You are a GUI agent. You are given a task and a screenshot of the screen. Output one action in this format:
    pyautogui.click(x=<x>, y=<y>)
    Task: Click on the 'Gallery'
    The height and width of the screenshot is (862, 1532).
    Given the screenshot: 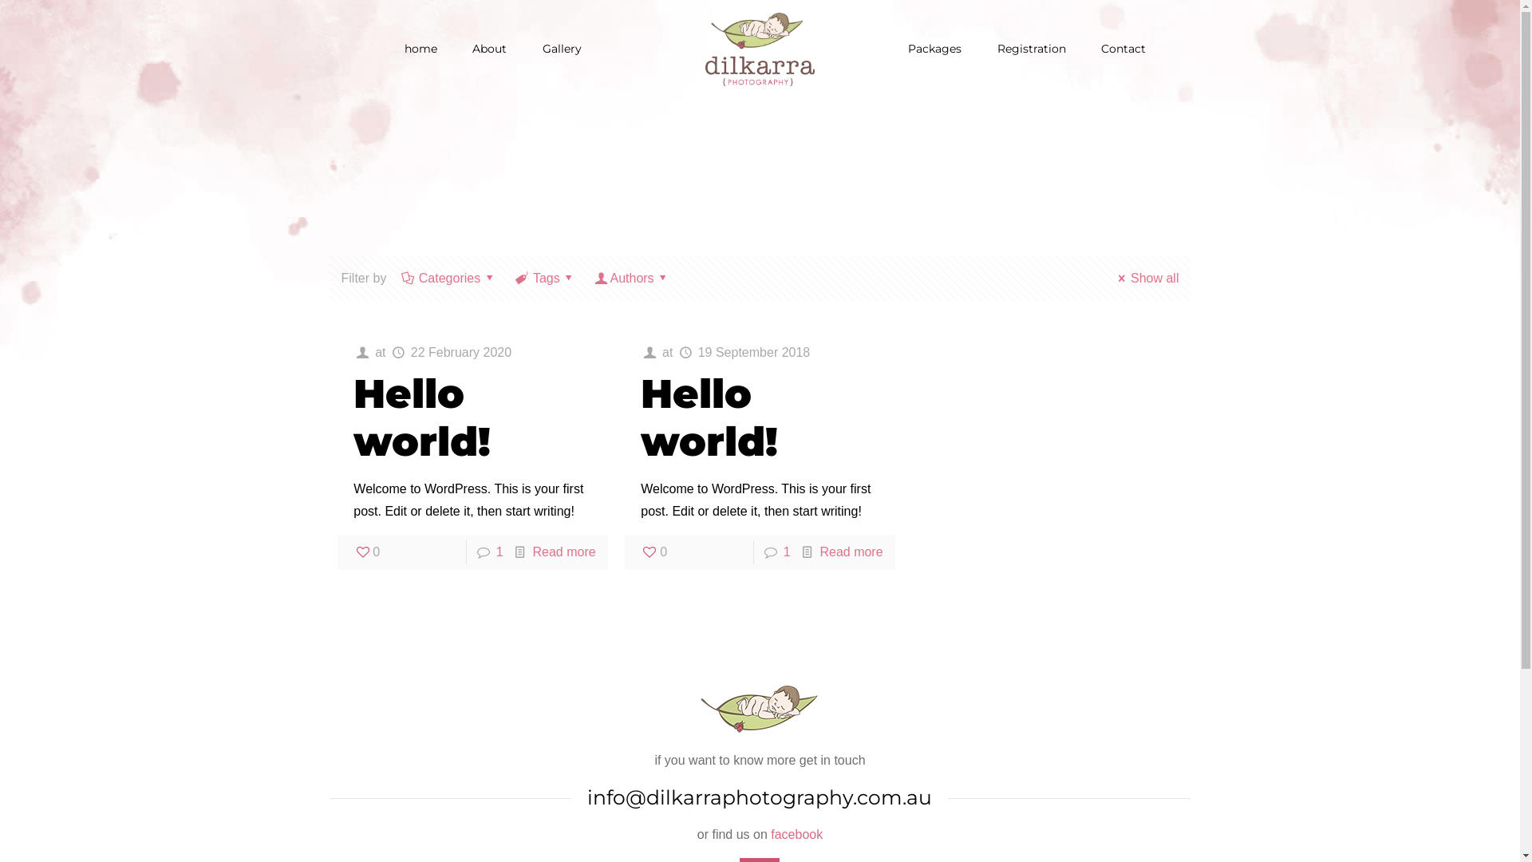 What is the action you would take?
    pyautogui.click(x=562, y=48)
    